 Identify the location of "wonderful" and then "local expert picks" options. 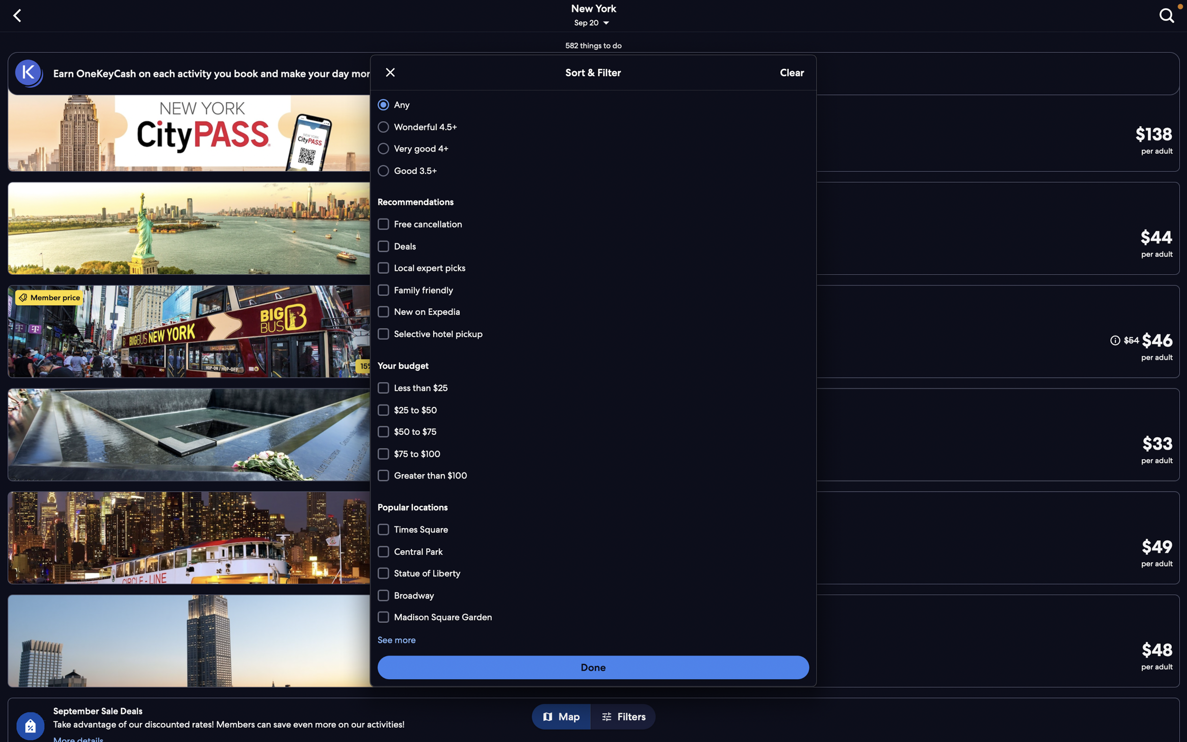
(591, 127).